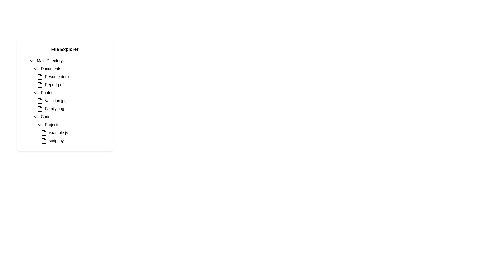 The width and height of the screenshot is (480, 270). I want to click on the document icon in the 'File Explorer' interface under the 'Code' section in the 'Projects' folder, so click(44, 141).